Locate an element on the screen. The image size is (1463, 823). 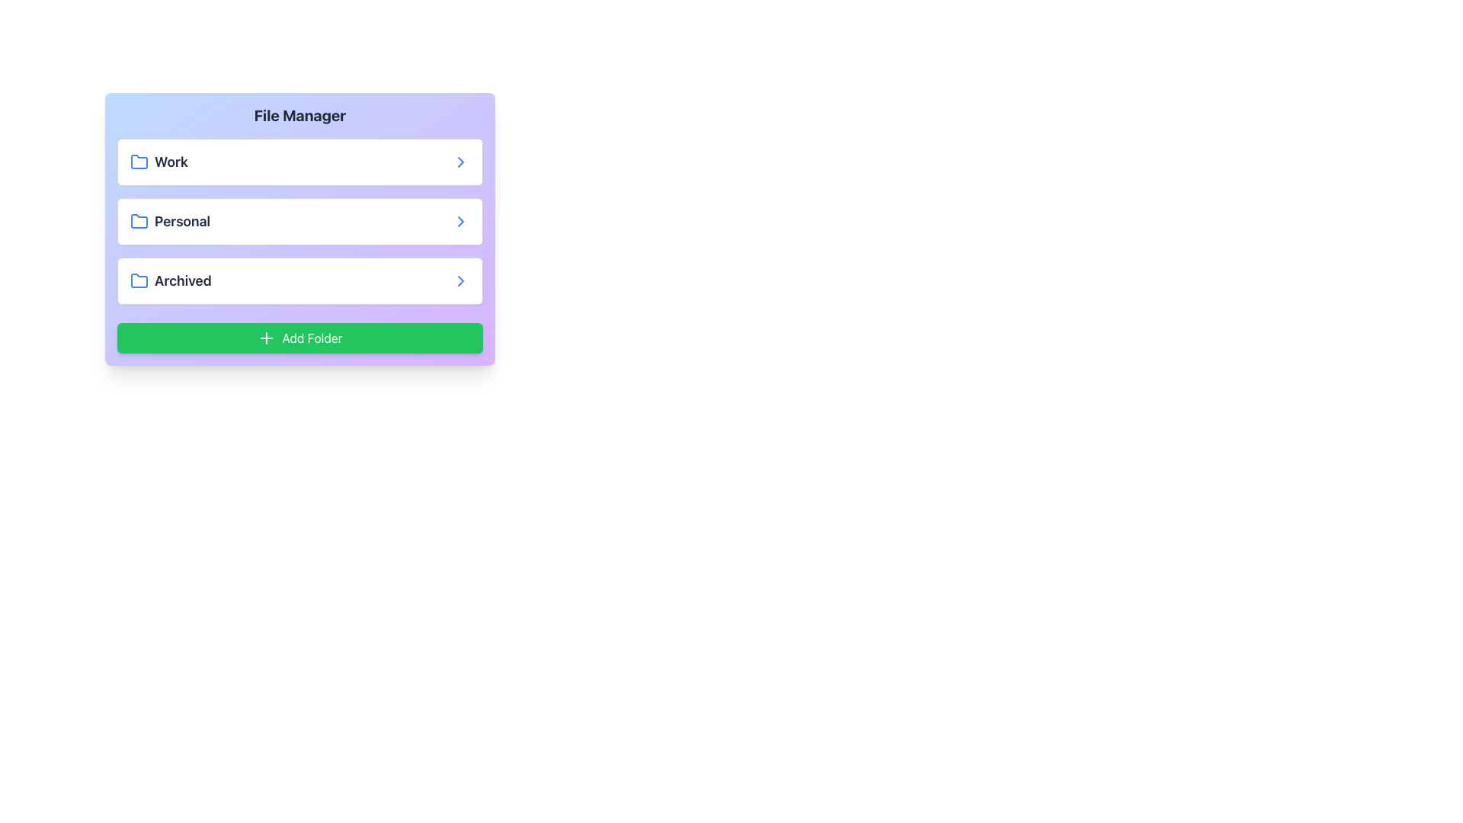
the top navigational item labeled 'Work' in the vertical list under the 'File Manager' title is located at coordinates (299, 162).